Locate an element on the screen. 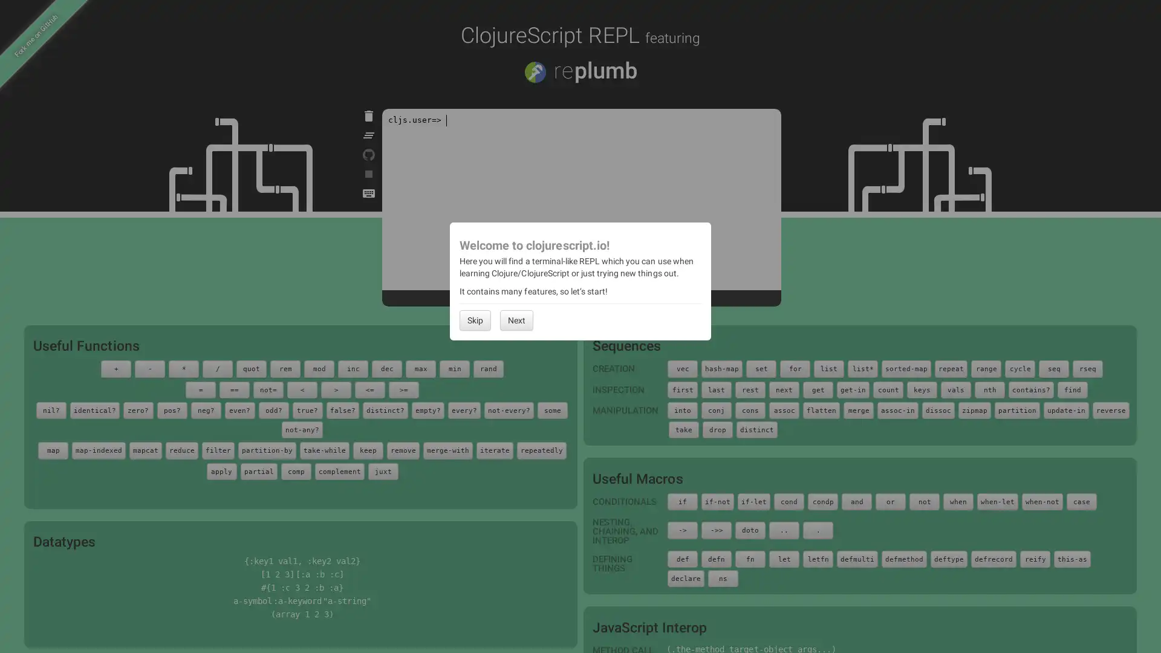 This screenshot has height=653, width=1161. filter is located at coordinates (218, 450).